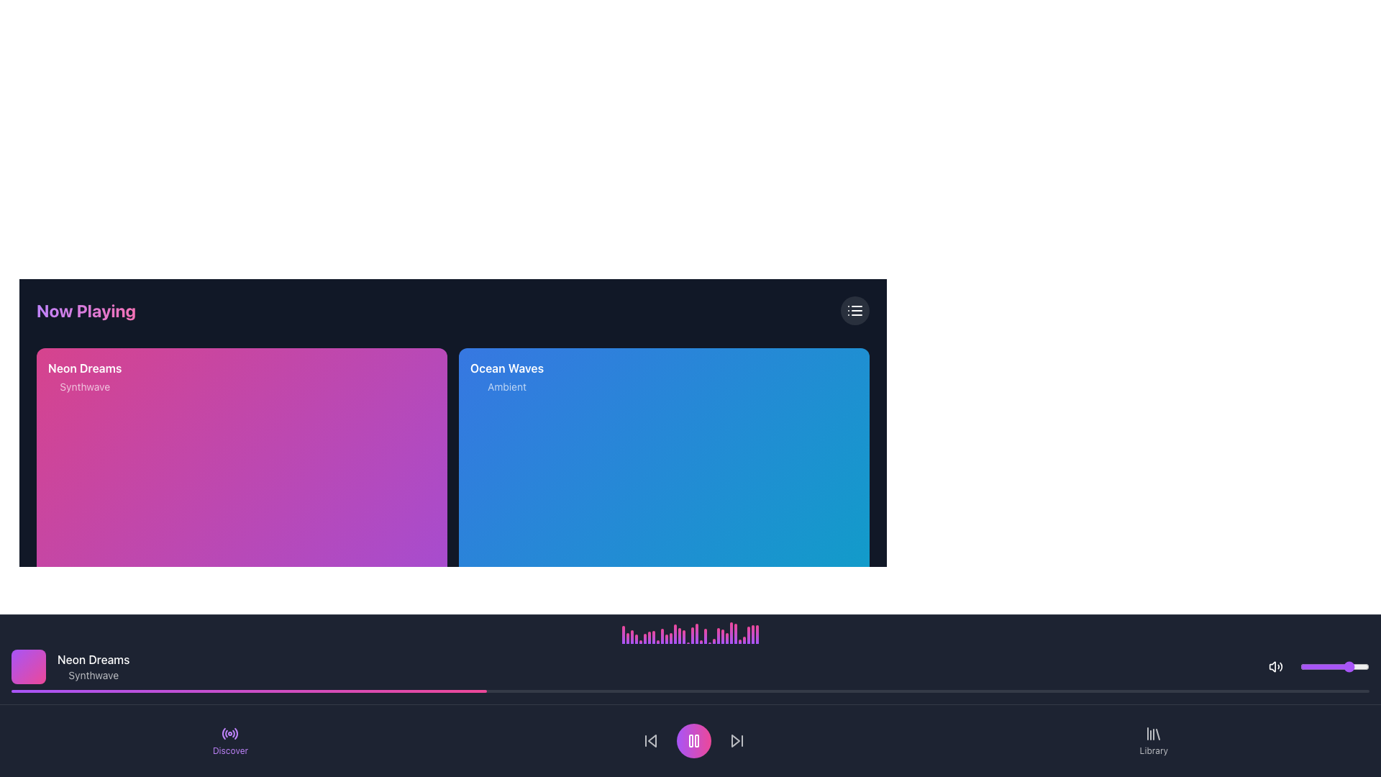 The height and width of the screenshot is (777, 1381). Describe the element at coordinates (845, 376) in the screenshot. I see `the 'like' button located in the top-right corner of the 'Ocean Waves' card to like the content` at that location.